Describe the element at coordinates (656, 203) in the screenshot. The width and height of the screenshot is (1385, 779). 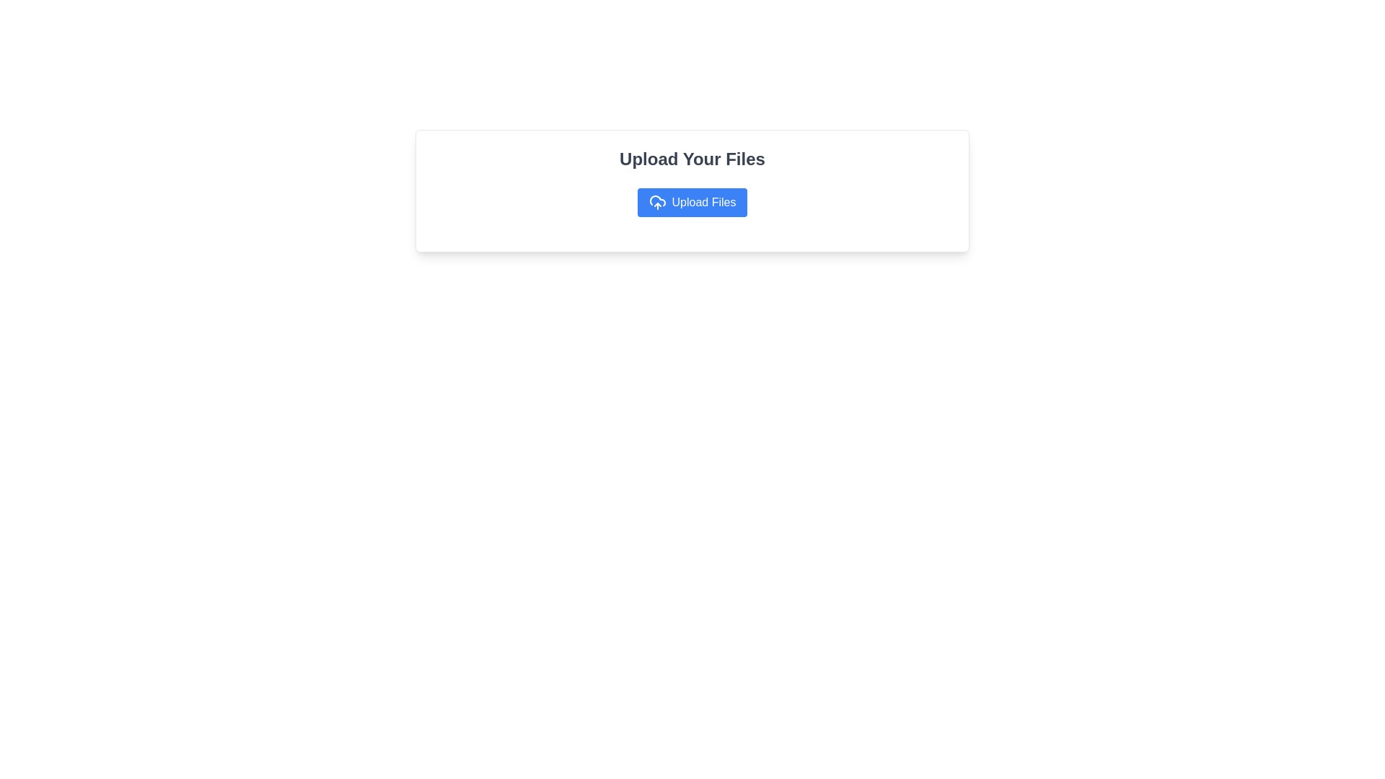
I see `the cloud upload icon that is part of the 'Upload Files' button, located to the left of the text on a blue background` at that location.